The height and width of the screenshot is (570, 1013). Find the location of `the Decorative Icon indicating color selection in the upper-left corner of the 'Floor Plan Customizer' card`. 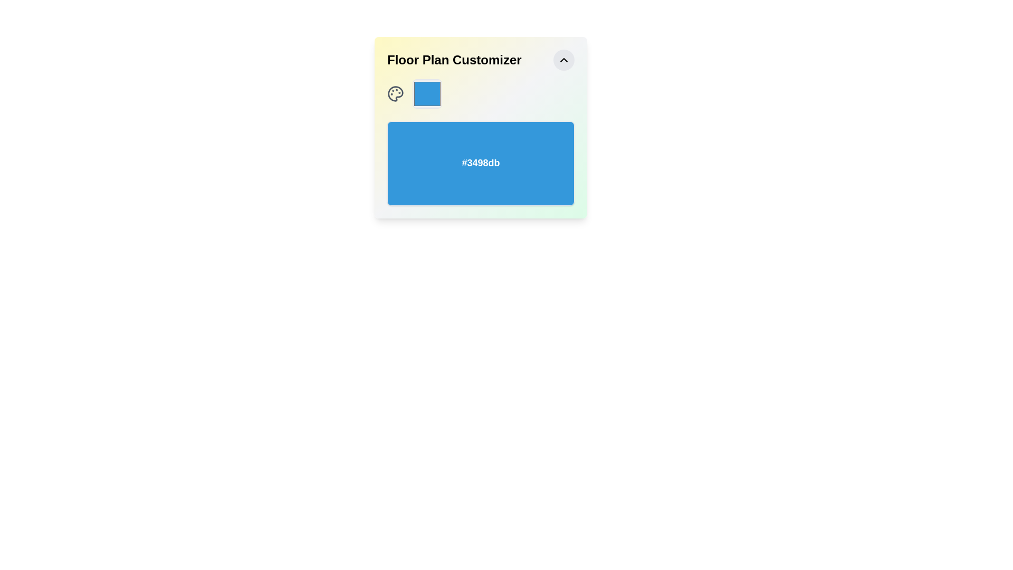

the Decorative Icon indicating color selection in the upper-left corner of the 'Floor Plan Customizer' card is located at coordinates (395, 93).